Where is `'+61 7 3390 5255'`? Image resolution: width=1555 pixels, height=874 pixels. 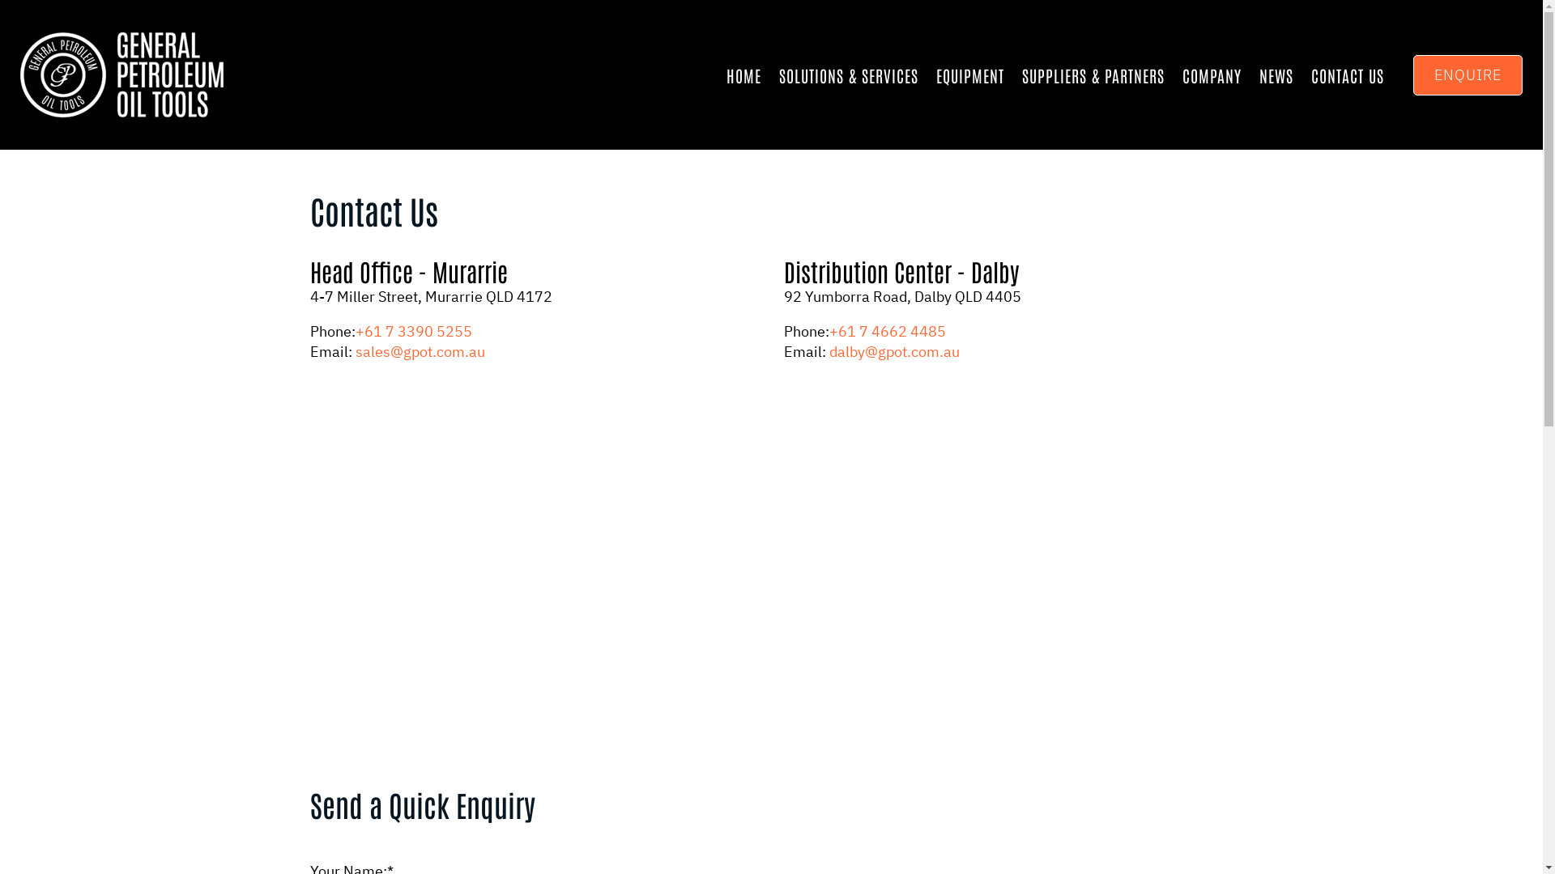
'+61 7 3390 5255' is located at coordinates (412, 330).